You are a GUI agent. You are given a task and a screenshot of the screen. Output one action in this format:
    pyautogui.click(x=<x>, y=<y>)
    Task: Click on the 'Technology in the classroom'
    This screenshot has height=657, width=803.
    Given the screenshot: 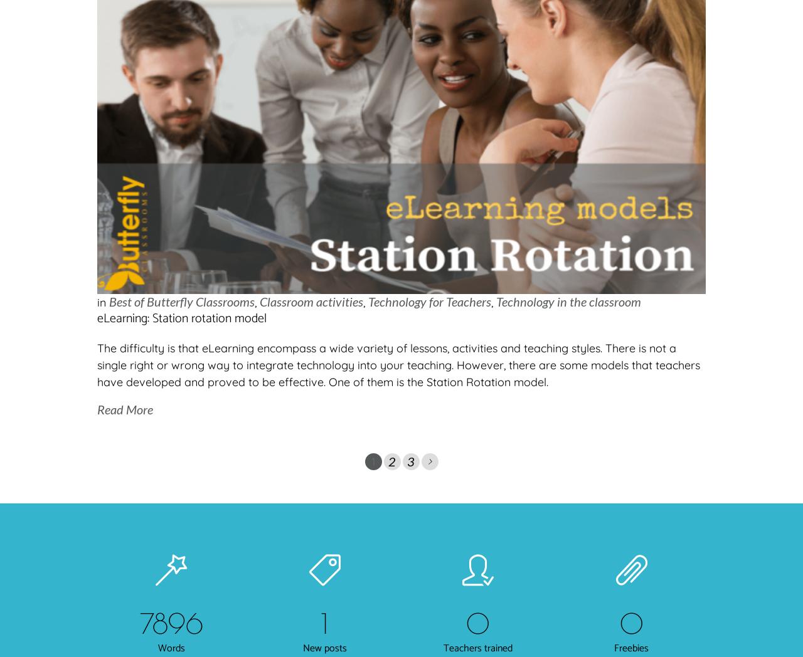 What is the action you would take?
    pyautogui.click(x=568, y=300)
    